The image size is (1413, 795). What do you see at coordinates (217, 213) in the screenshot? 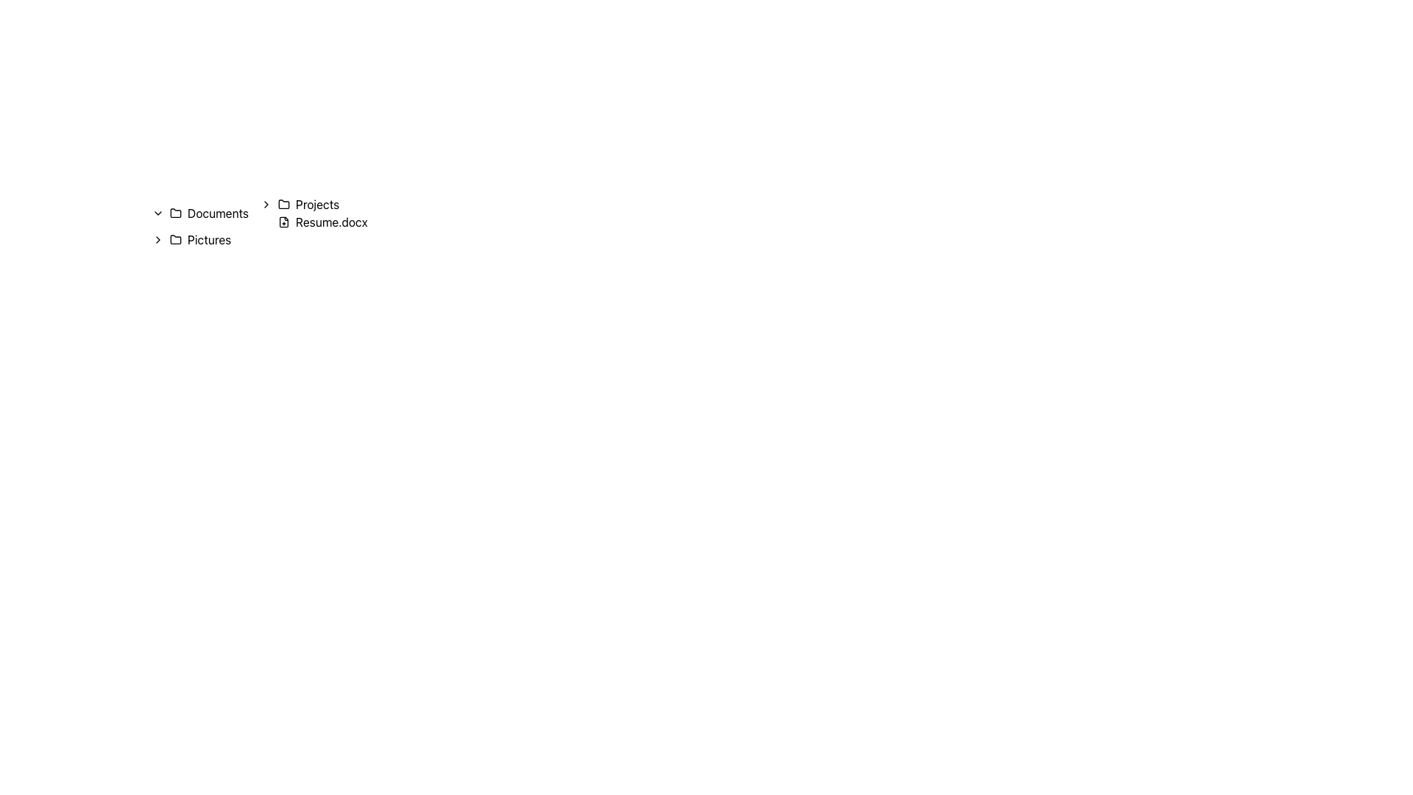
I see `the Text label representing the category or folder under 'DocumentsProjectsResume.docx'` at bounding box center [217, 213].